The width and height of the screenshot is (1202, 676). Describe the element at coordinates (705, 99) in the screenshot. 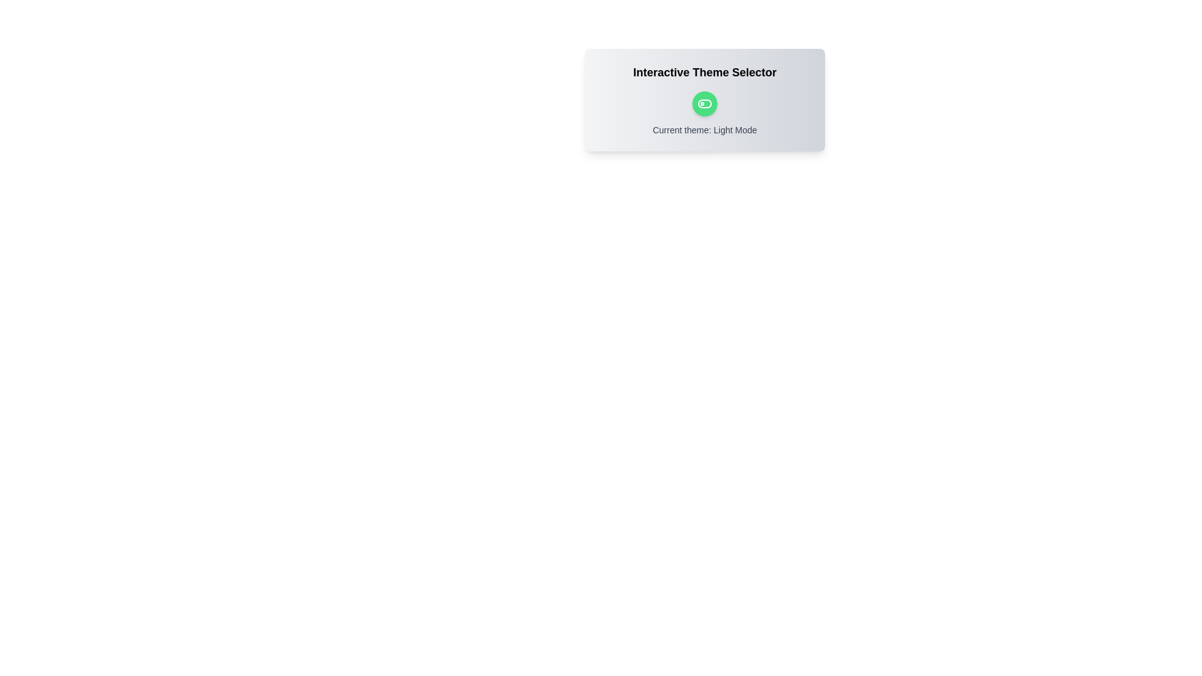

I see `the theme selector module's text` at that location.